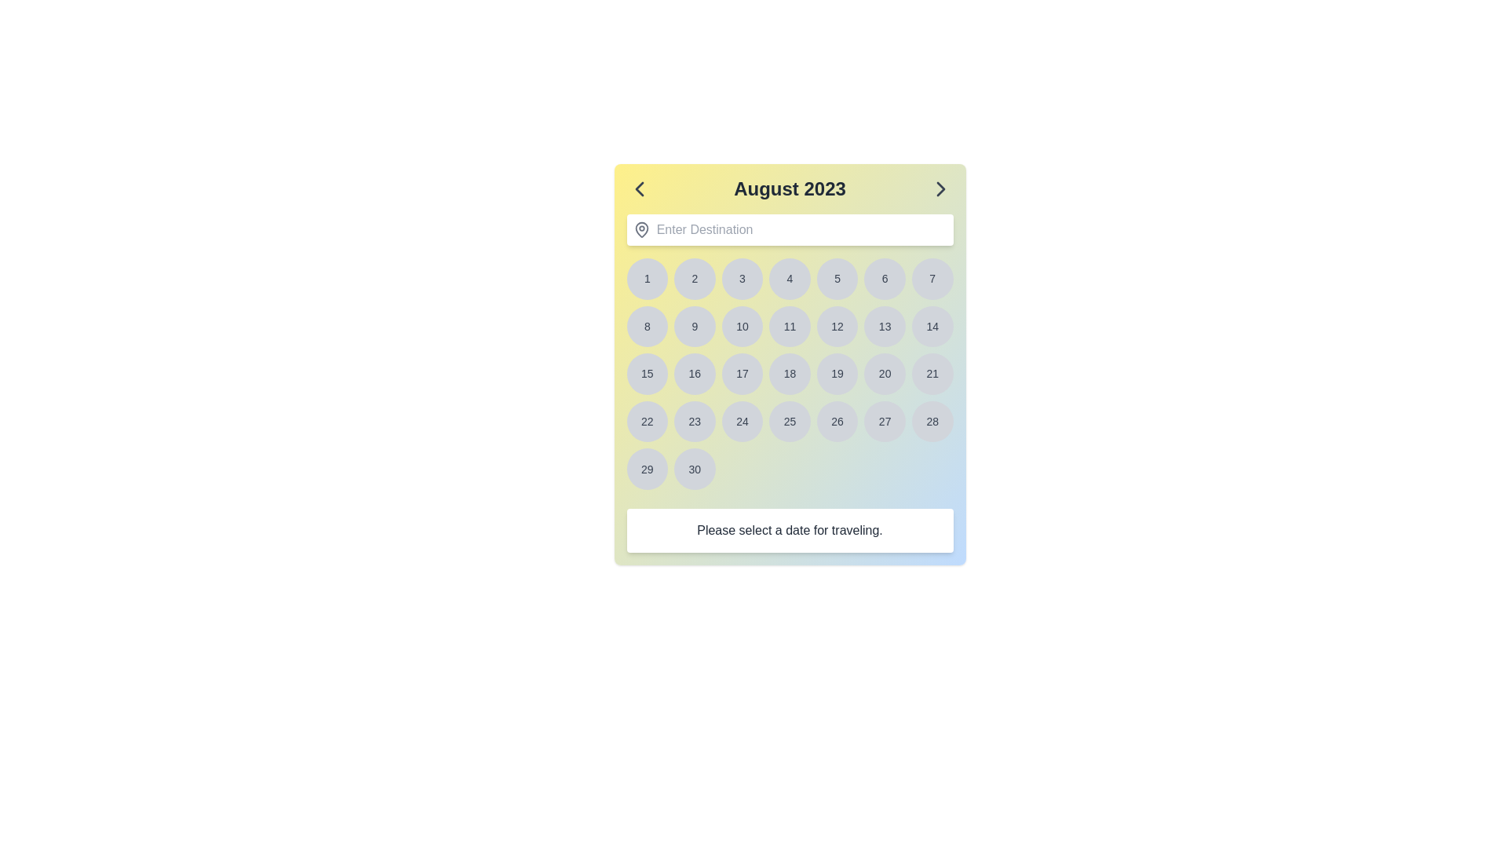  Describe the element at coordinates (647, 468) in the screenshot. I see `the selectable day button representing the 29th day in the calendar interface, located in the last row, first column of the grid` at that location.